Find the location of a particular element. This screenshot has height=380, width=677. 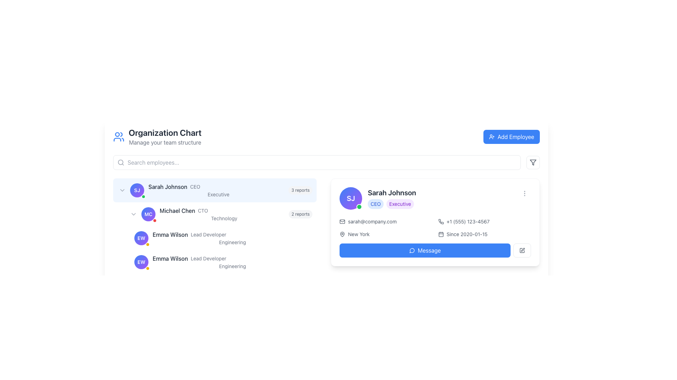

the Profile Icon representing 'Emma Wilson', which is a circular icon located under 'Michael Chen' in the left section of the interface is located at coordinates (141, 238).